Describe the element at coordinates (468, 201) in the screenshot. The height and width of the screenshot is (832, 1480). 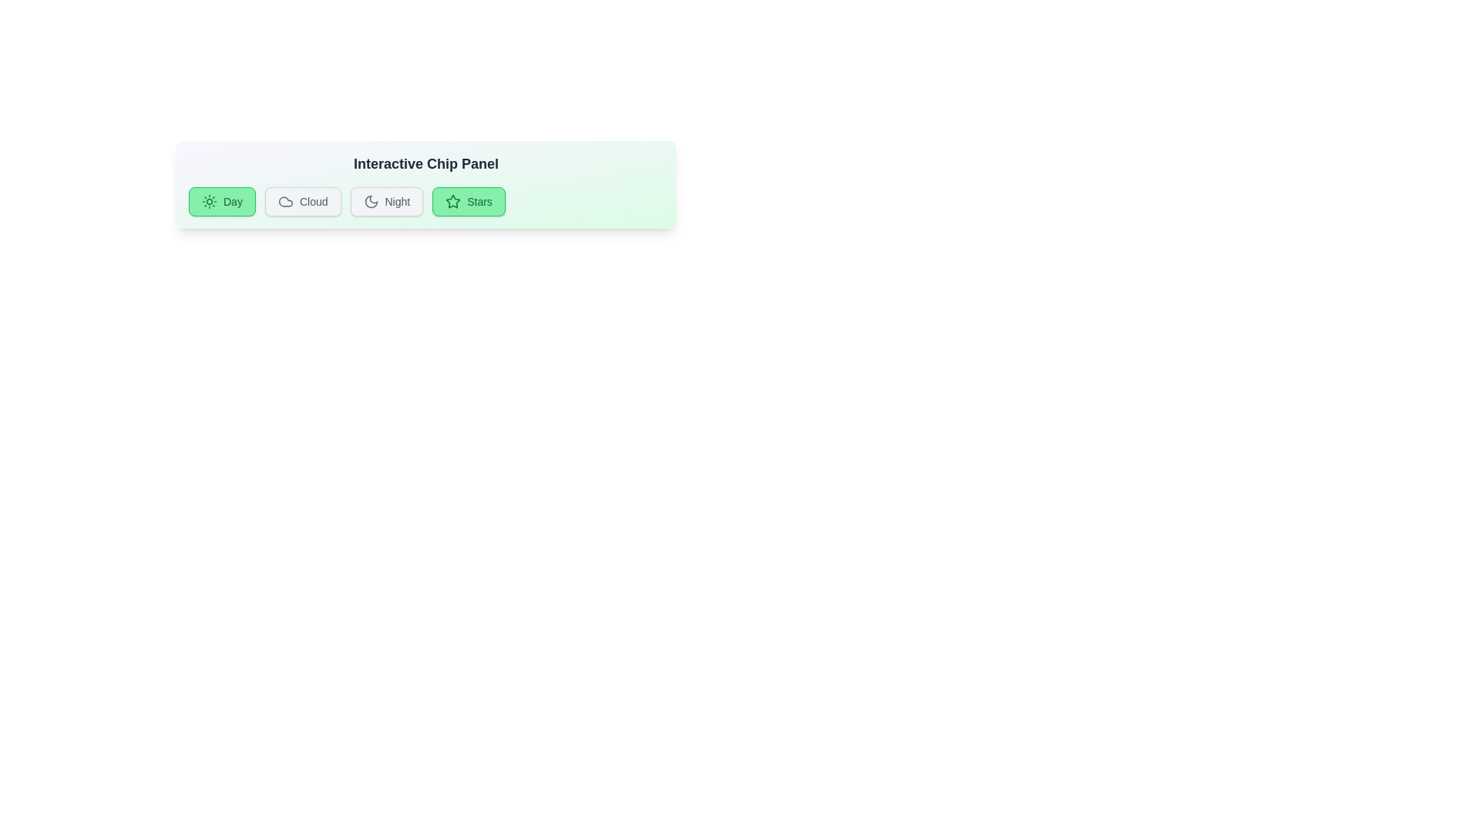
I see `the chip labeled Stars` at that location.